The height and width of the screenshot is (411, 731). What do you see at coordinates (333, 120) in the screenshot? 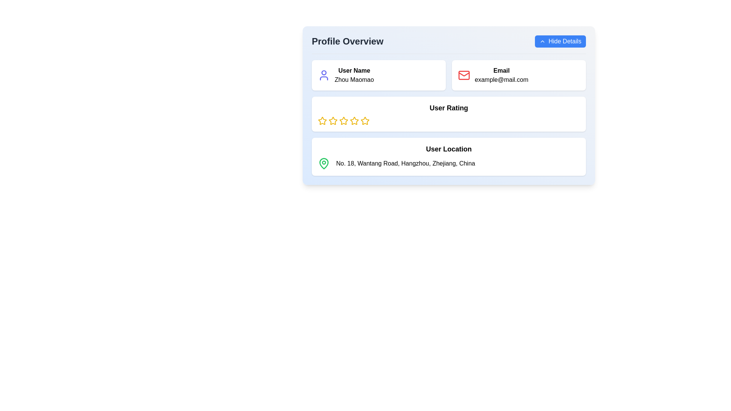
I see `the first yellow star-shaped graphic with a central white cutout in the user rating section to give a rating` at bounding box center [333, 120].